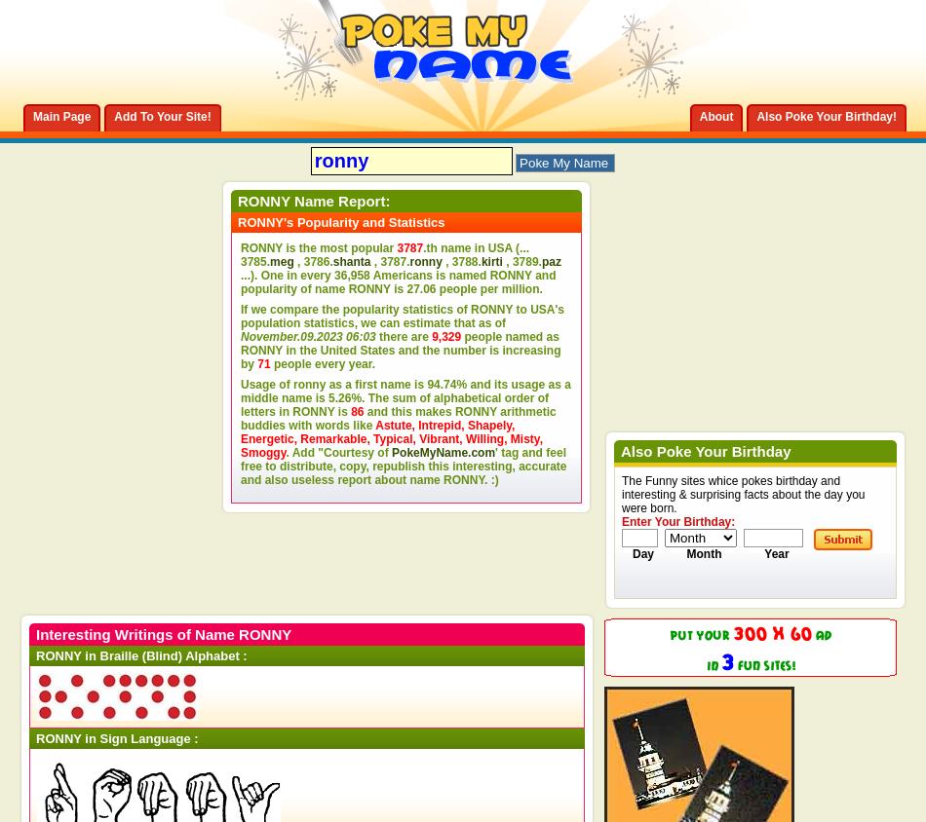  Describe the element at coordinates (405, 391) in the screenshot. I see `'% and its usage as a middle name is'` at that location.